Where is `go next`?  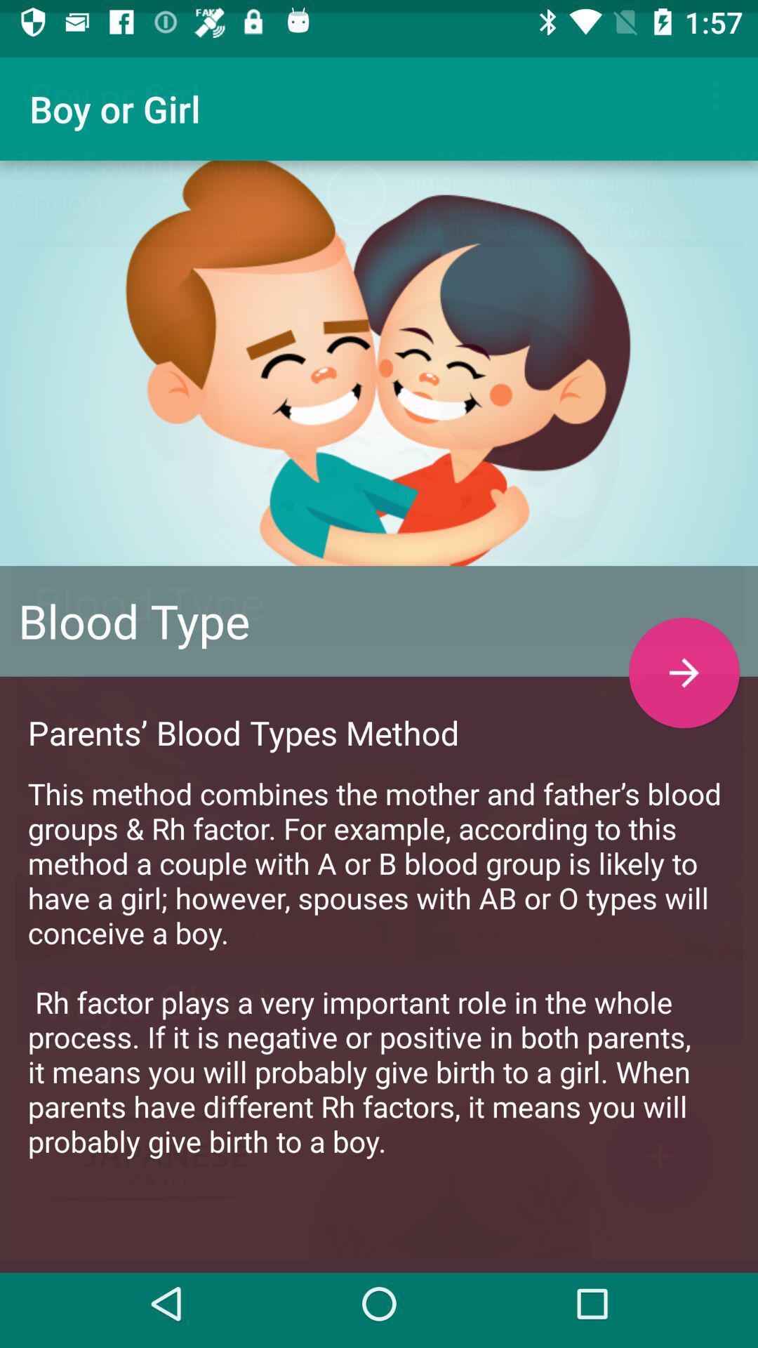
go next is located at coordinates (684, 659).